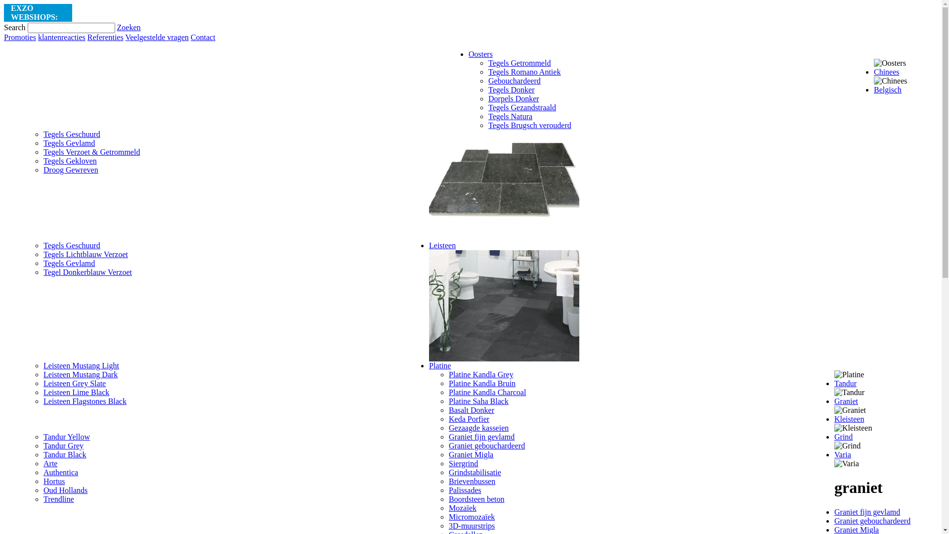 The height and width of the screenshot is (534, 949). What do you see at coordinates (86, 254) in the screenshot?
I see `'Tegels Lichtblauw Verzoet'` at bounding box center [86, 254].